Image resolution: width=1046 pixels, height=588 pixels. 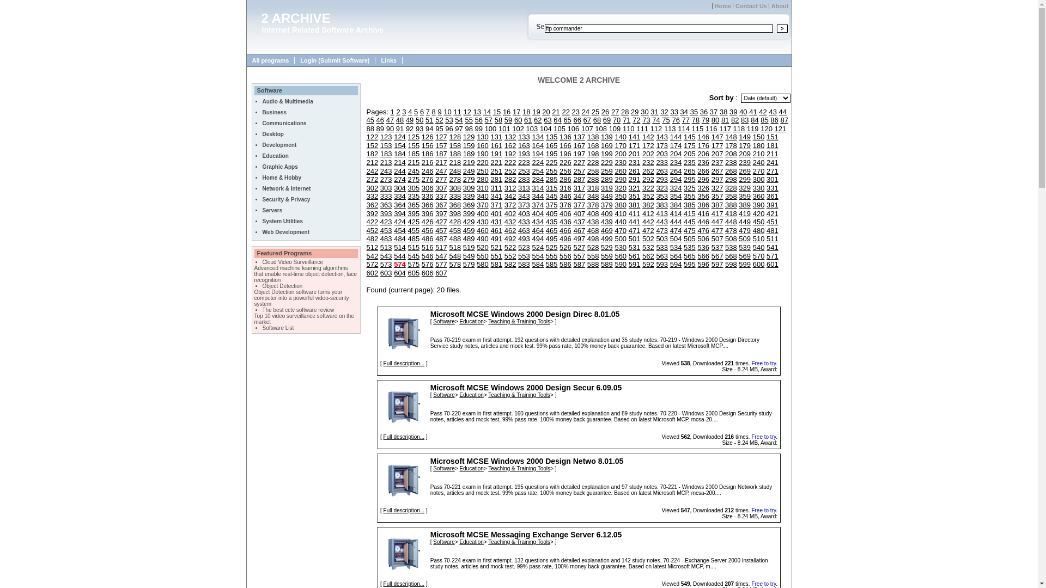 I want to click on 'Web Development', so click(x=286, y=231).